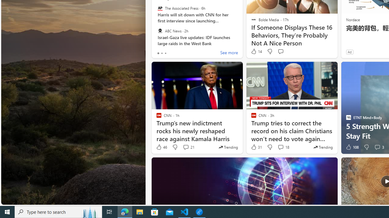  What do you see at coordinates (377, 147) in the screenshot?
I see `'View comments 3 Comment'` at bounding box center [377, 147].